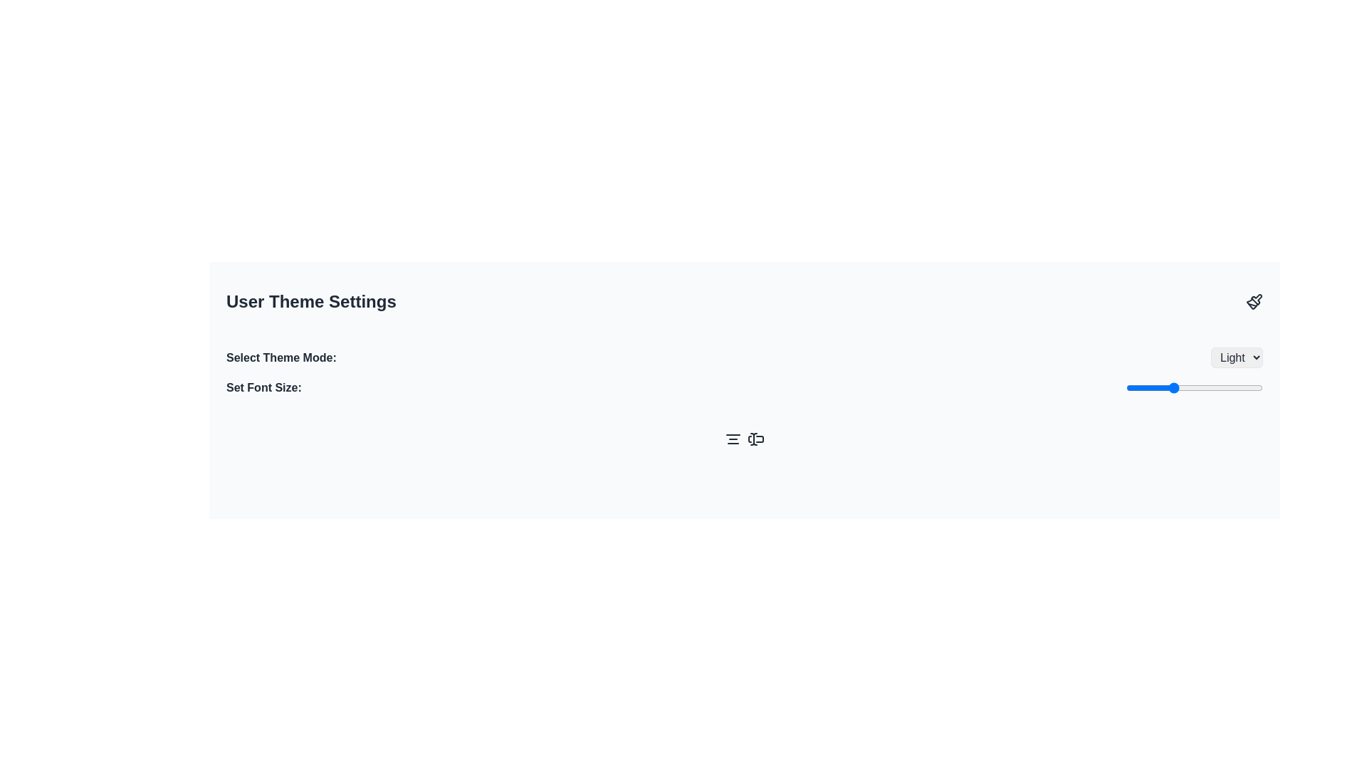 The image size is (1367, 769). What do you see at coordinates (1254, 301) in the screenshot?
I see `the icon located at the top-right corner of the 'User Theme Settings' section for further interaction` at bounding box center [1254, 301].